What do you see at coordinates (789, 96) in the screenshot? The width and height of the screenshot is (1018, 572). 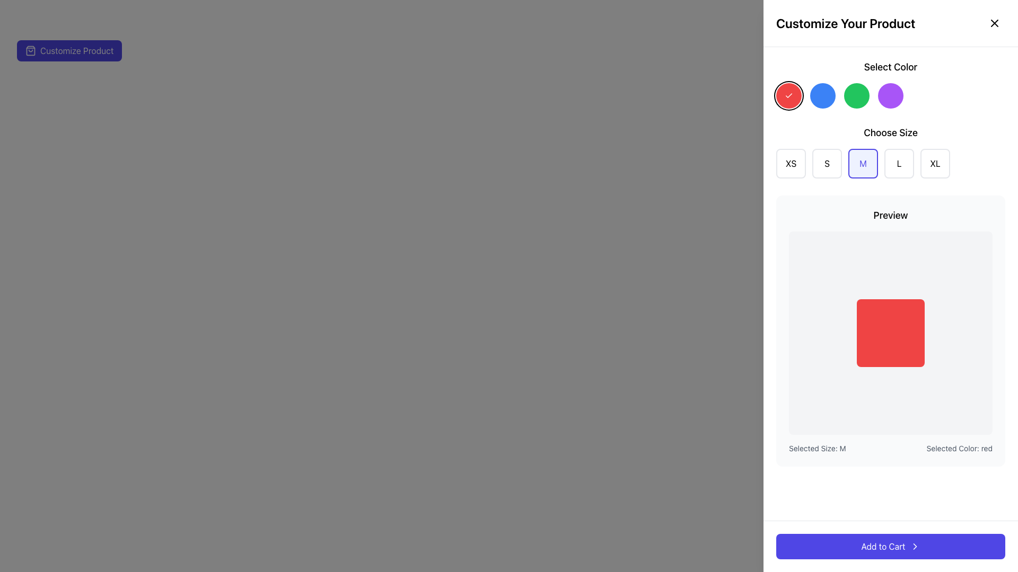 I see `the checkmark icon indicating the selected red color option within the circular button in the 'Select Color' section located in the top-right quadrant of the interface` at bounding box center [789, 96].